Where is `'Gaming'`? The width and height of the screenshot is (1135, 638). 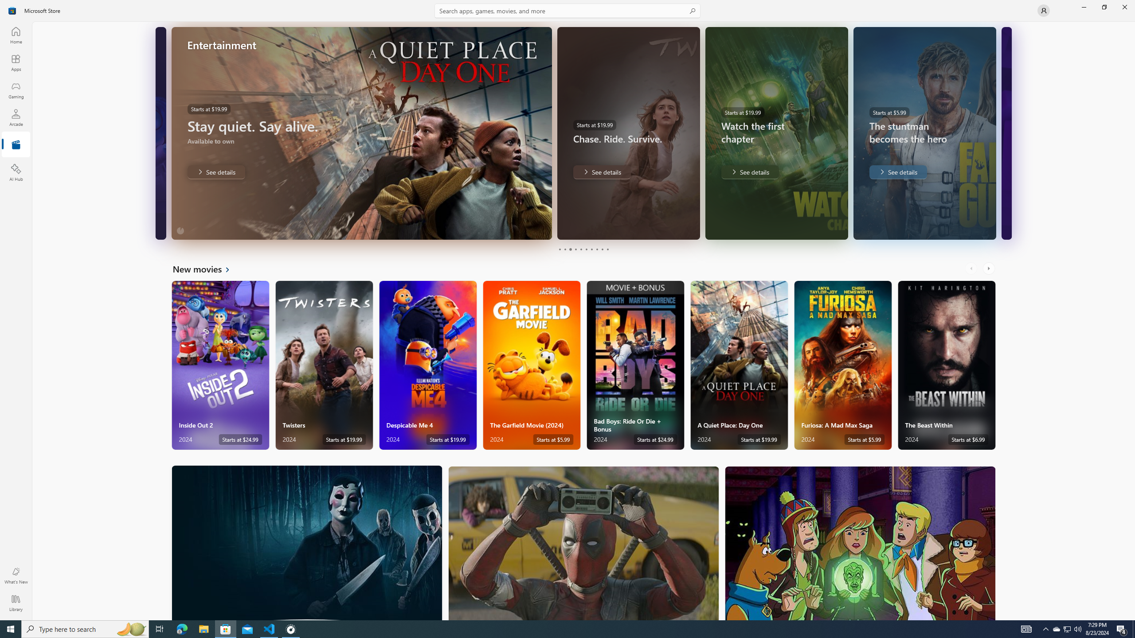 'Gaming' is located at coordinates (15, 89).